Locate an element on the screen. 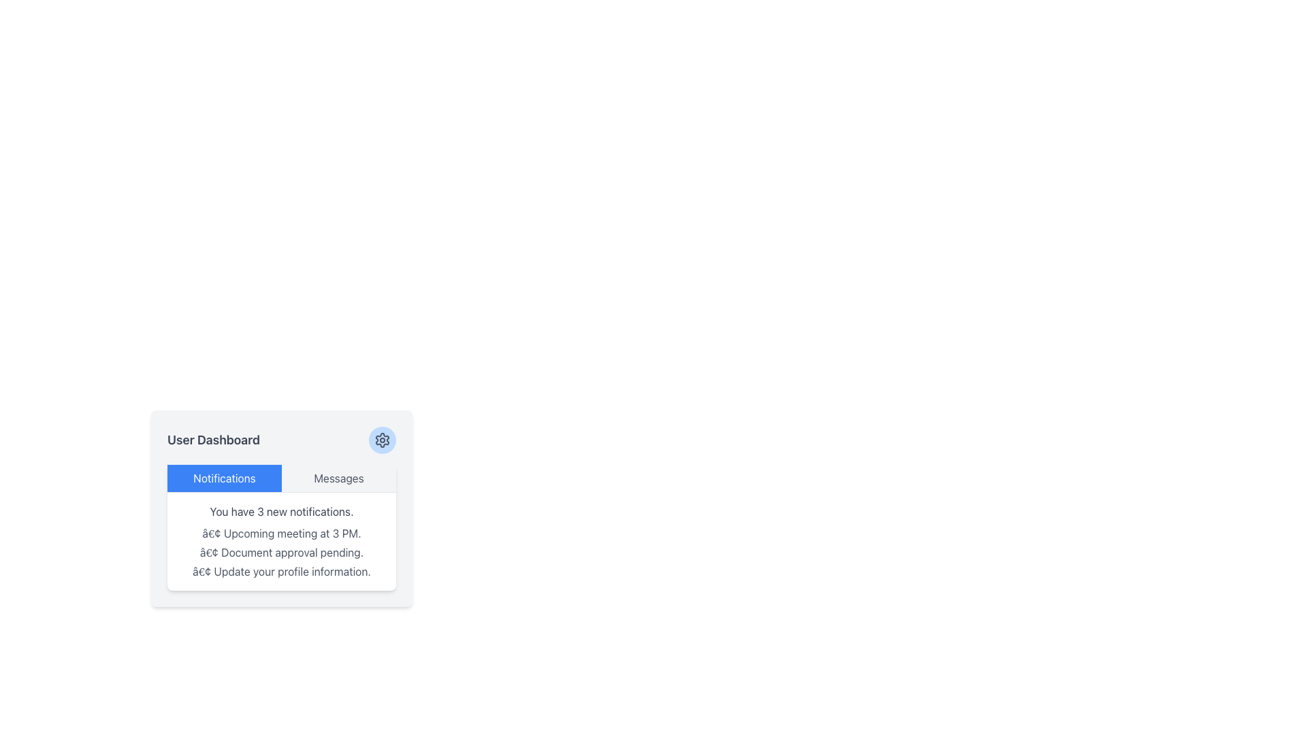 The width and height of the screenshot is (1307, 735). notifications displayed in the textual data panel that contains a header stating 'You have 3 new notifications' and a list of three bullet-pointed statements is located at coordinates (280, 540).